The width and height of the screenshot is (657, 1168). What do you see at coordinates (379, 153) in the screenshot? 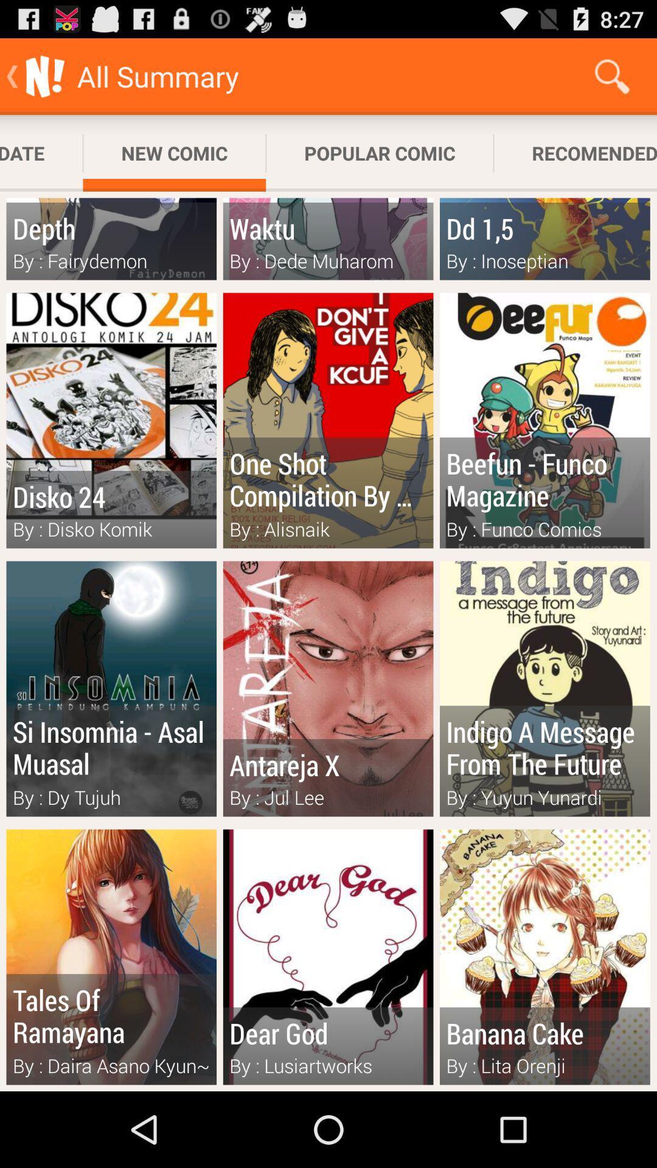
I see `the popular comic` at bounding box center [379, 153].